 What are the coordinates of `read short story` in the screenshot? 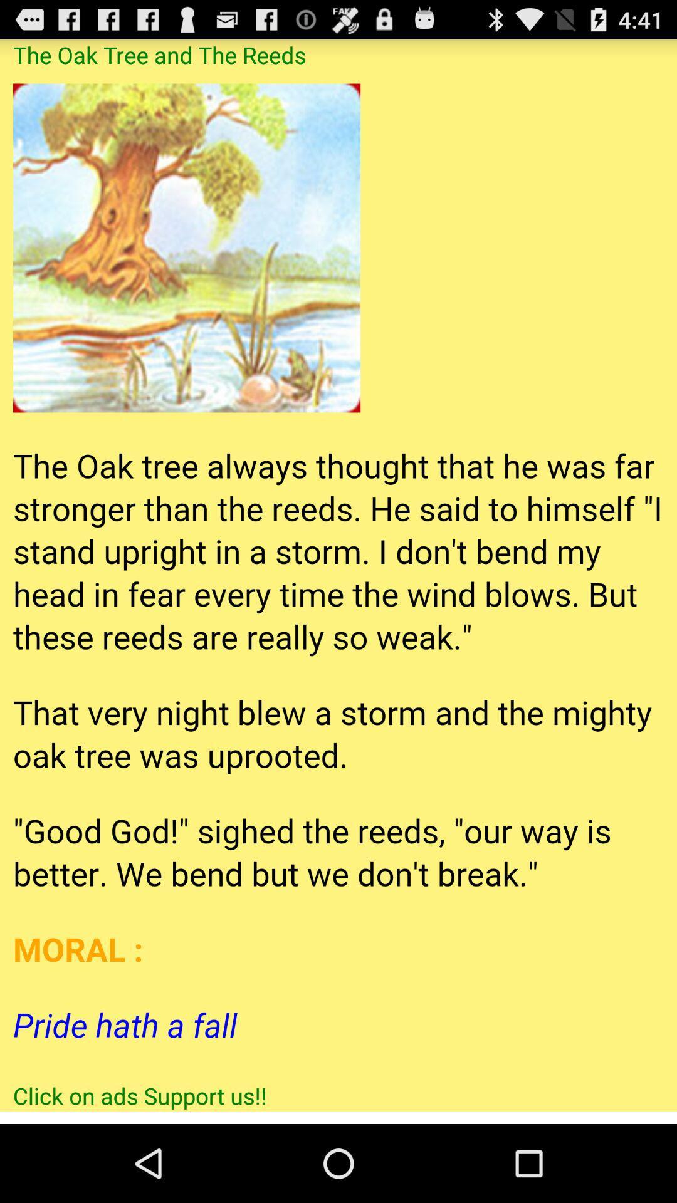 It's located at (338, 575).